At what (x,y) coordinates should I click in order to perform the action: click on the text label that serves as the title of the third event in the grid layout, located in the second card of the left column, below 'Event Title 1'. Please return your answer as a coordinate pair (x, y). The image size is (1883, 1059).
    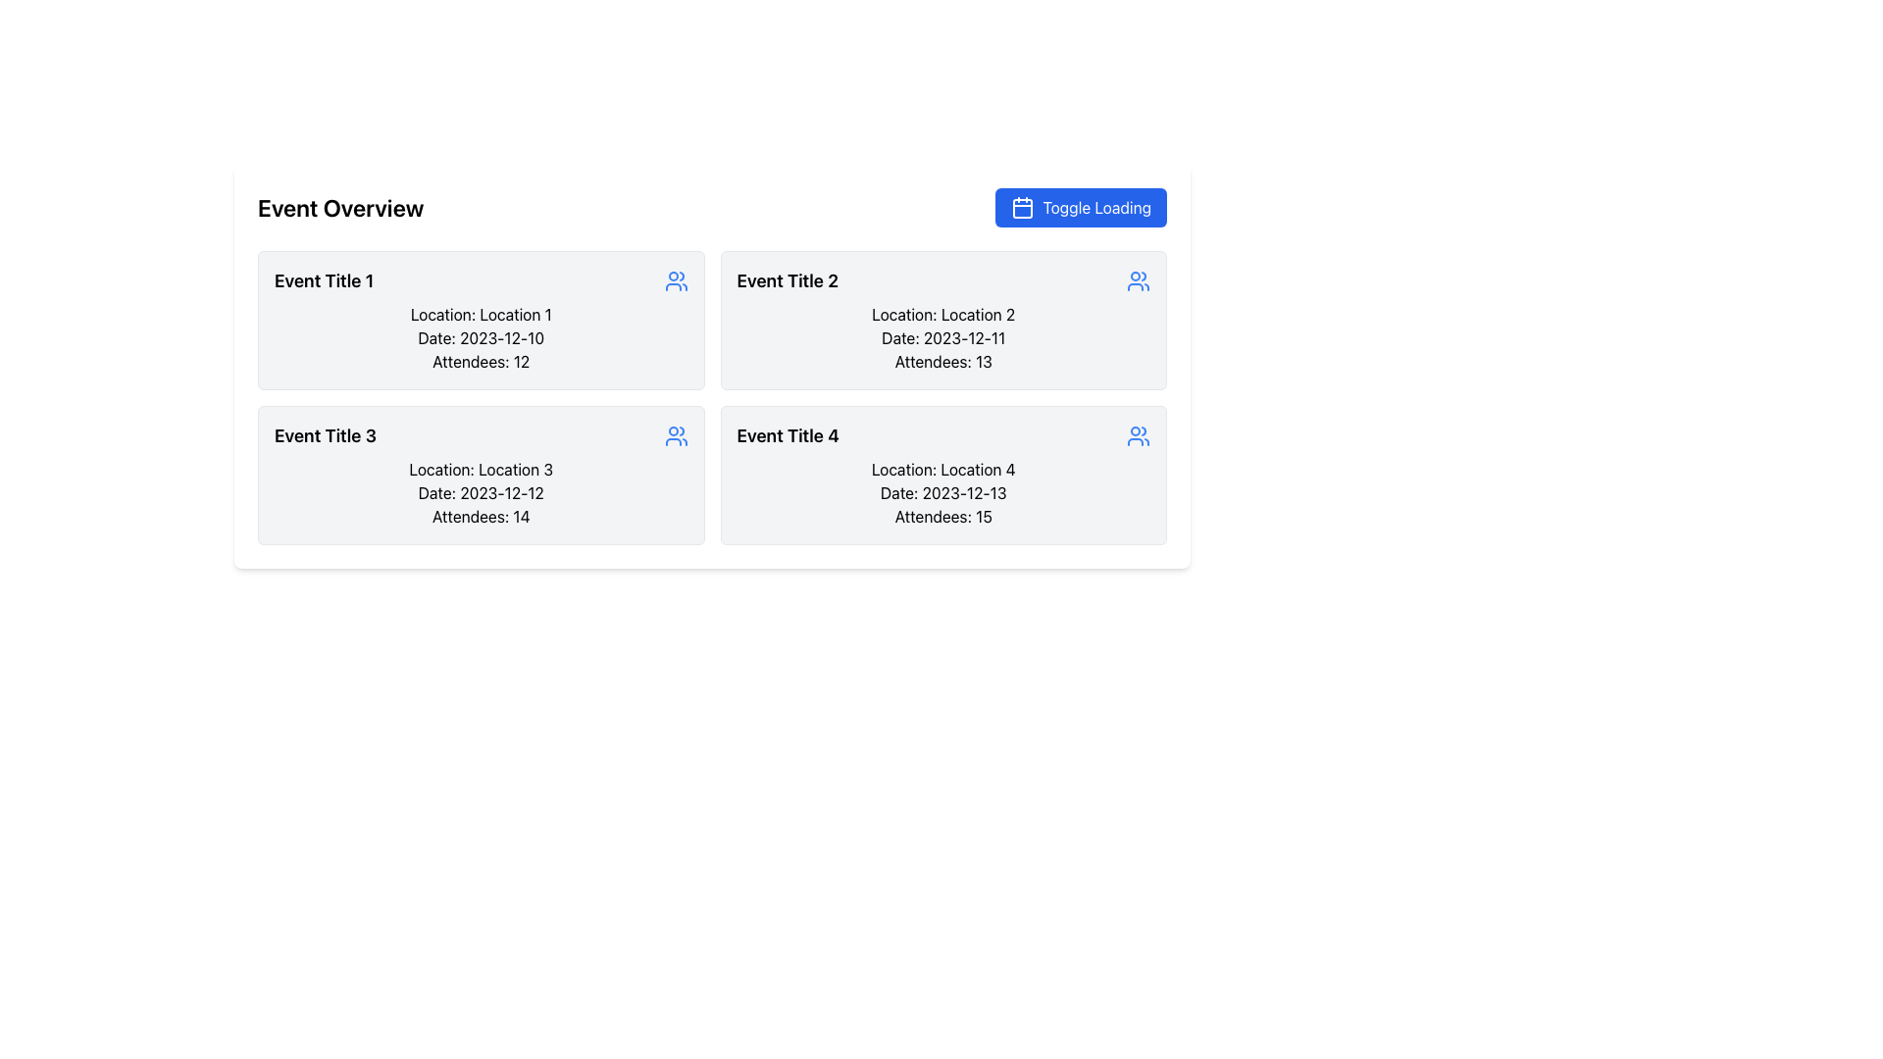
    Looking at the image, I should click on (325, 434).